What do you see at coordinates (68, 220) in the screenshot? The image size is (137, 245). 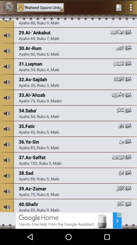 I see `advetisement link` at bounding box center [68, 220].